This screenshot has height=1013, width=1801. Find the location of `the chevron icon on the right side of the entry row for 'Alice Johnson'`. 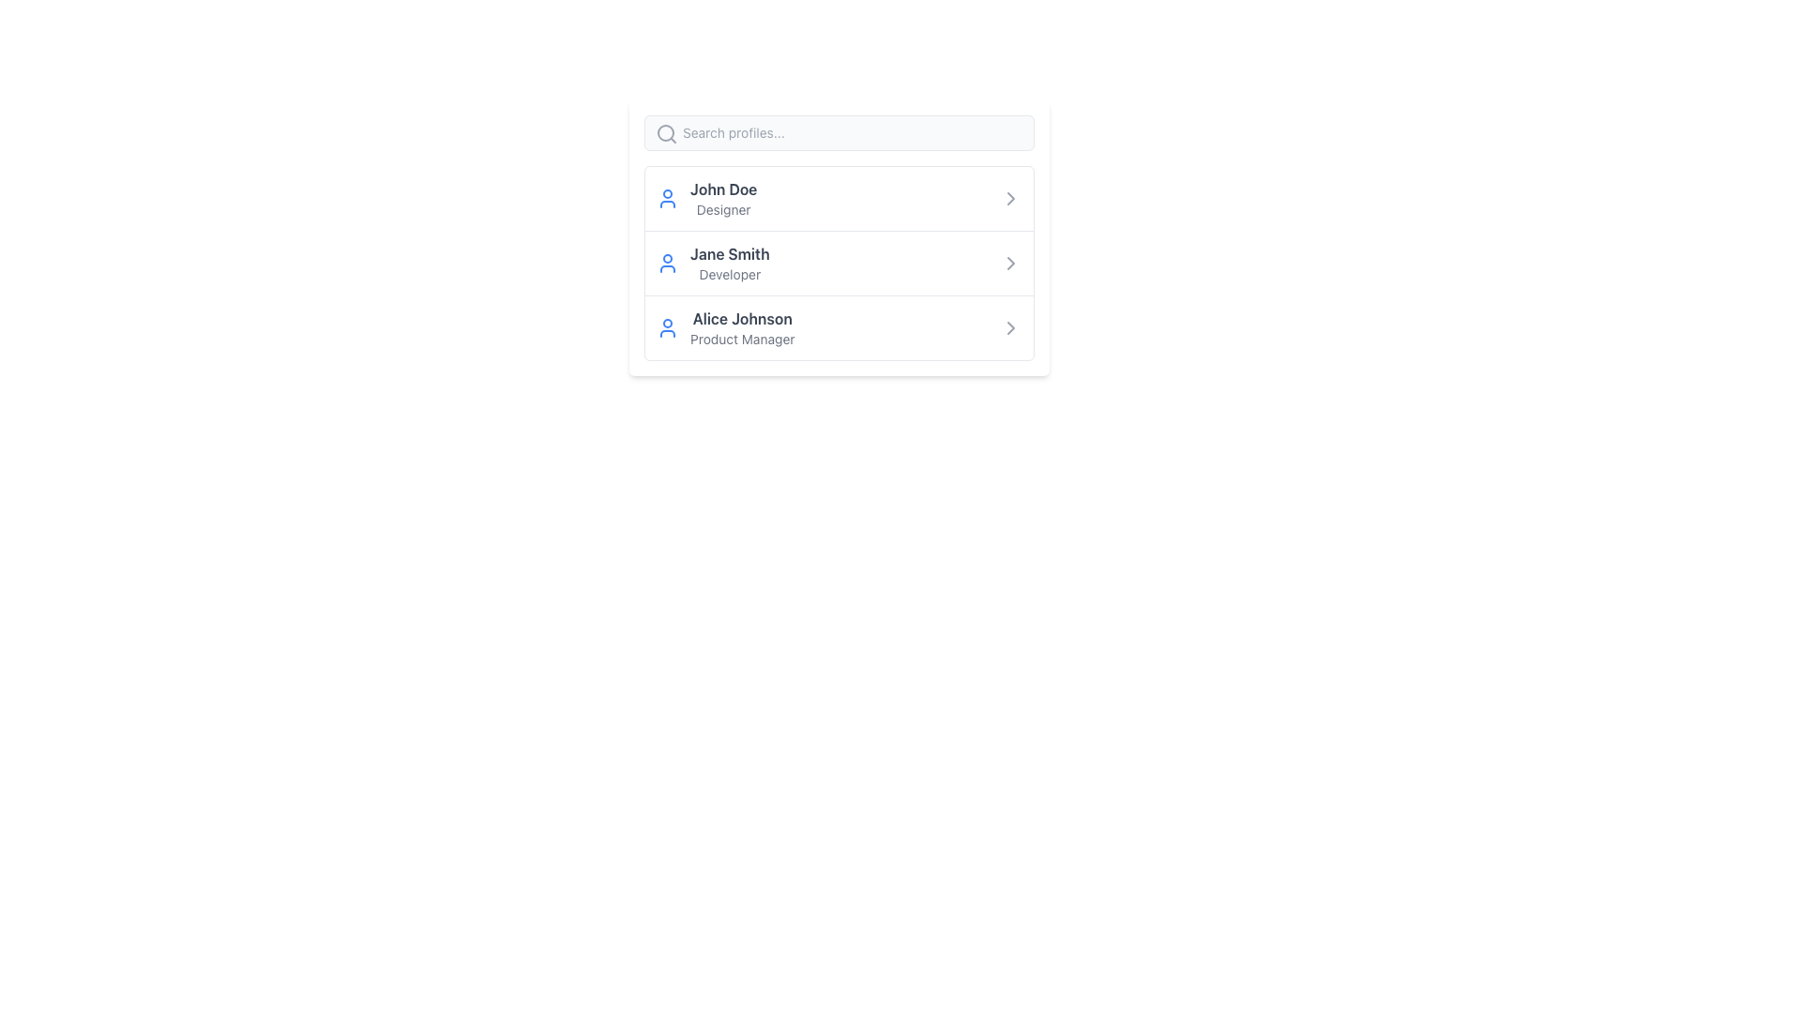

the chevron icon on the right side of the entry row for 'Alice Johnson' is located at coordinates (1010, 327).